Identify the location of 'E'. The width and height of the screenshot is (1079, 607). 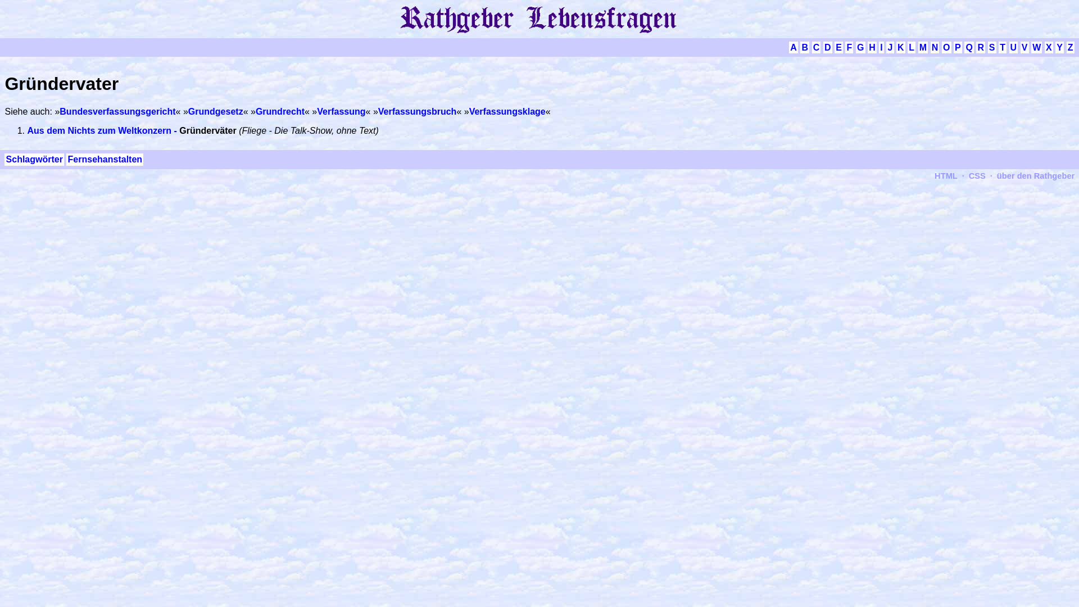
(838, 47).